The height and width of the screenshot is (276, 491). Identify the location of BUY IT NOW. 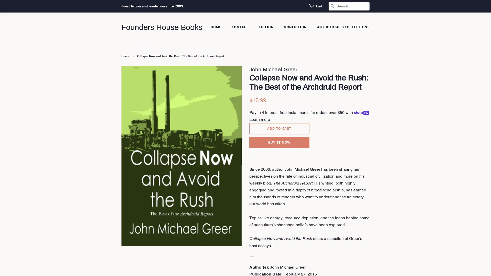
(279, 142).